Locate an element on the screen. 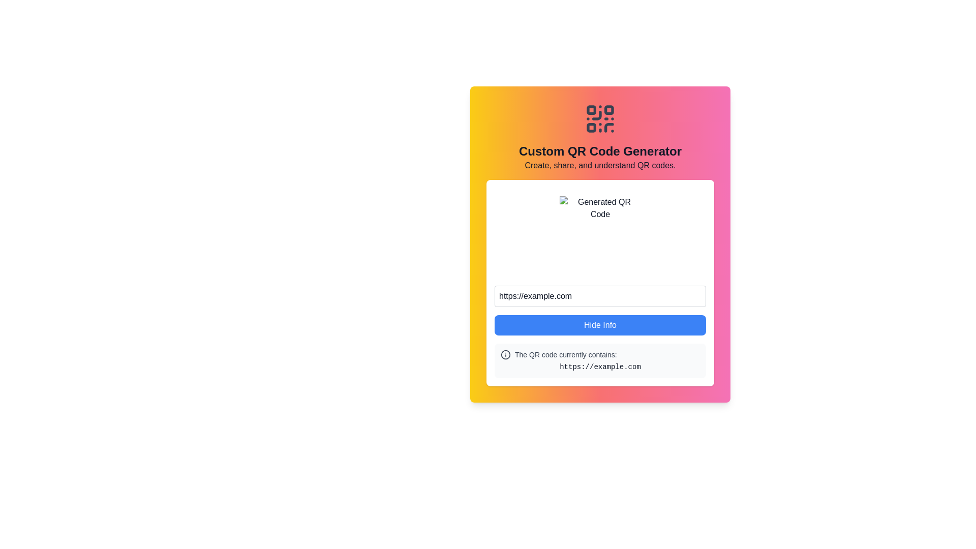 The image size is (976, 549). the decorative circle within the SVG icon, which is a circular shape with a visible border and no fill, located towards the bottom left of the interface is located at coordinates (505, 354).